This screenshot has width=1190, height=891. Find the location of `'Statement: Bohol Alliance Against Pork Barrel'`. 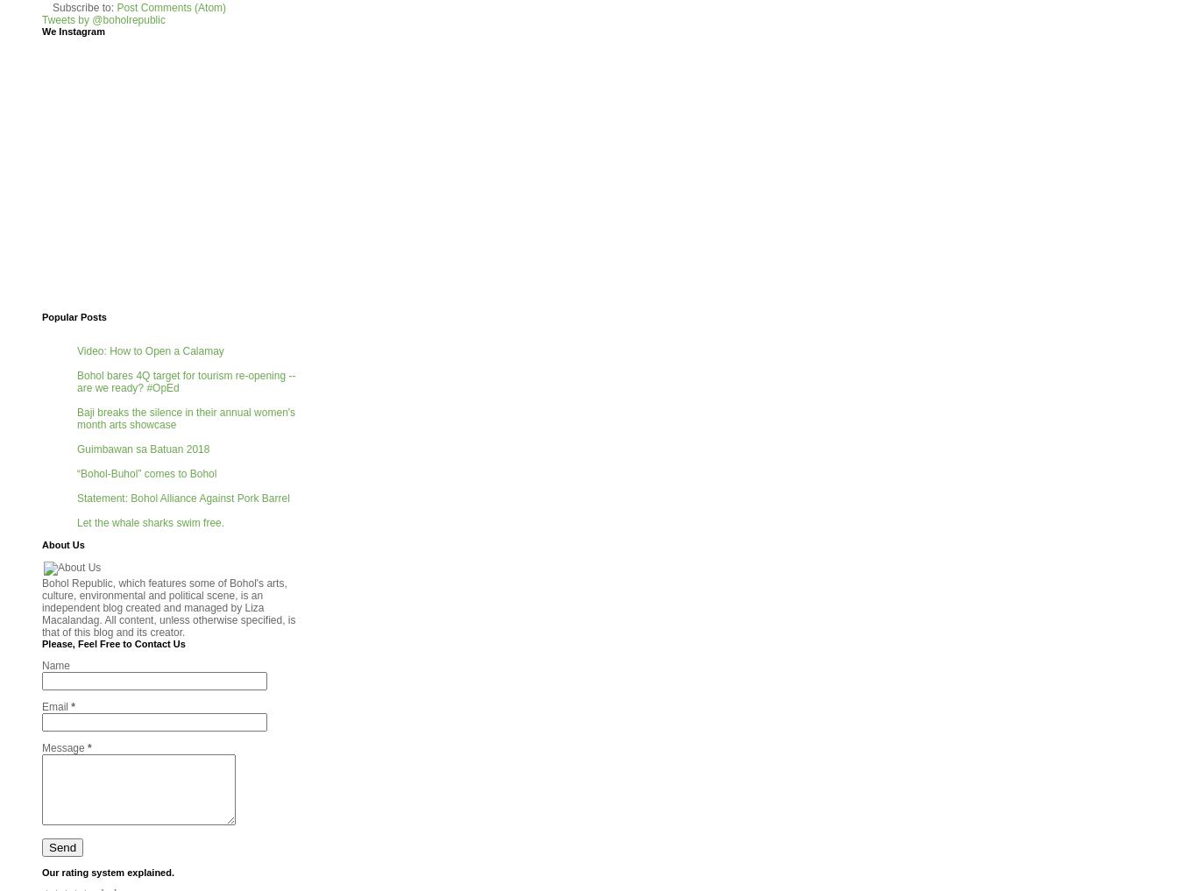

'Statement: Bohol Alliance Against Pork Barrel' is located at coordinates (181, 498).